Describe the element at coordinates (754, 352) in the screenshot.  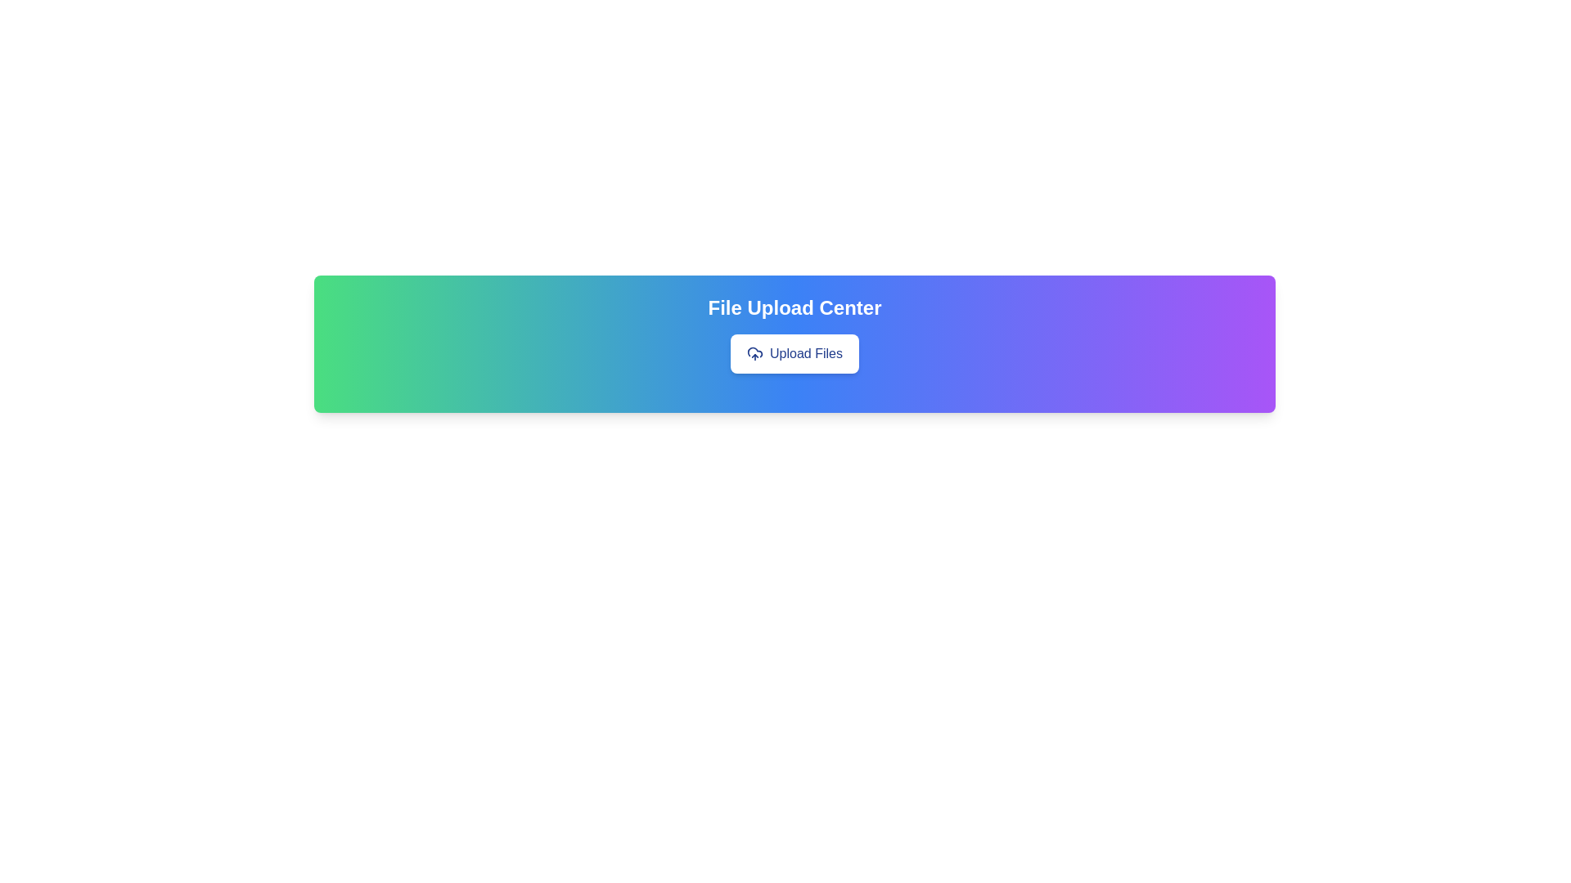
I see `the auxiliary icon that signifies the upload functionality of the 'Upload Files' button, located to the left of the button text, if interactive actions are enabled` at that location.